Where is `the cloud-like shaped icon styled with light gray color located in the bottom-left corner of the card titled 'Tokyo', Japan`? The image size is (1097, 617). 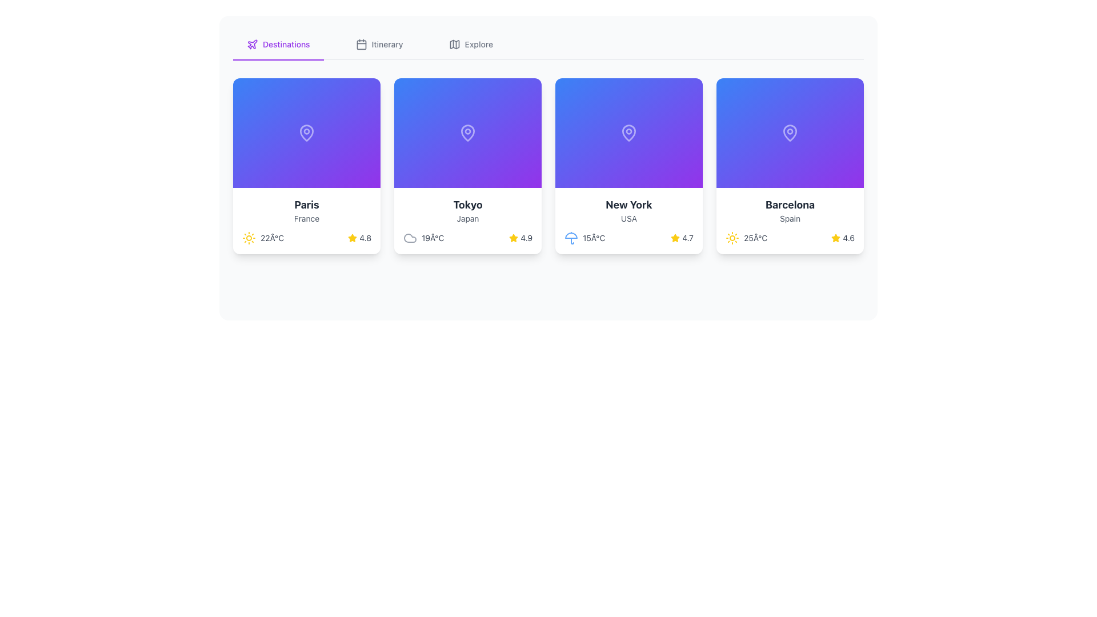 the cloud-like shaped icon styled with light gray color located in the bottom-left corner of the card titled 'Tokyo', Japan is located at coordinates (410, 237).